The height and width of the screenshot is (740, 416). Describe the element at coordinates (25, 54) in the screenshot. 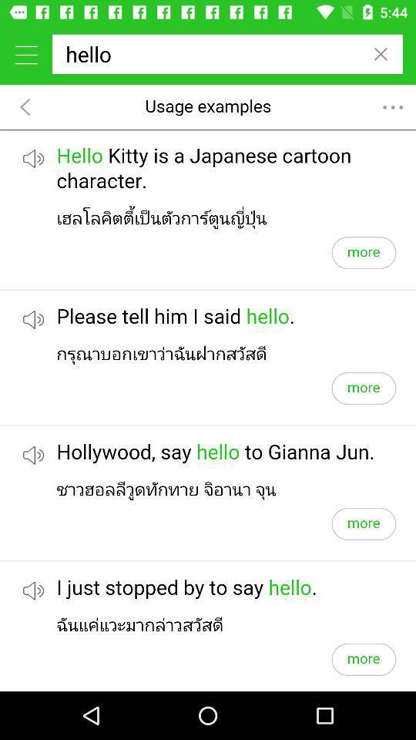

I see `the menu icon` at that location.